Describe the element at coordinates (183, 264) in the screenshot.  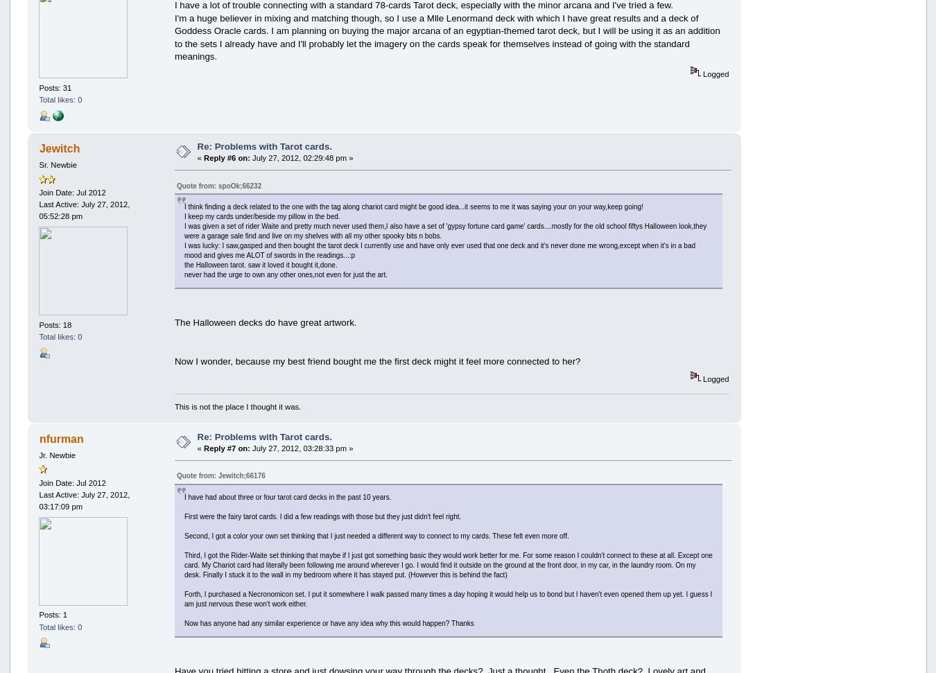
I see `'the Halloween tarot. saw it loved it bought it,done.'` at that location.